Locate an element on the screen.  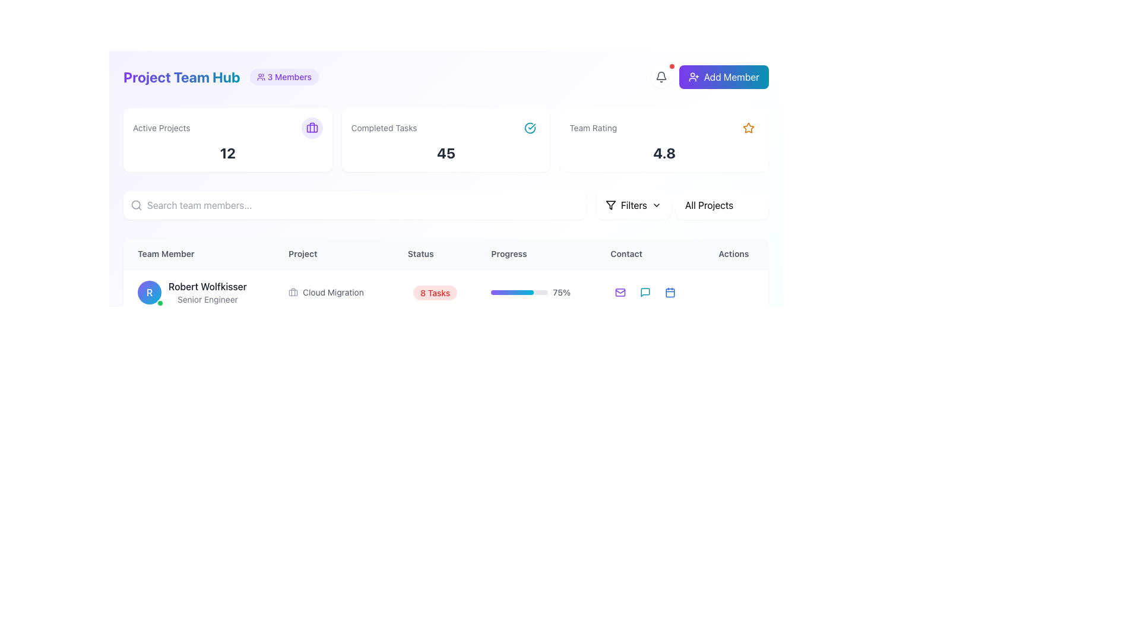
the bold header text displaying 'Project Team Hub' is located at coordinates (181, 77).